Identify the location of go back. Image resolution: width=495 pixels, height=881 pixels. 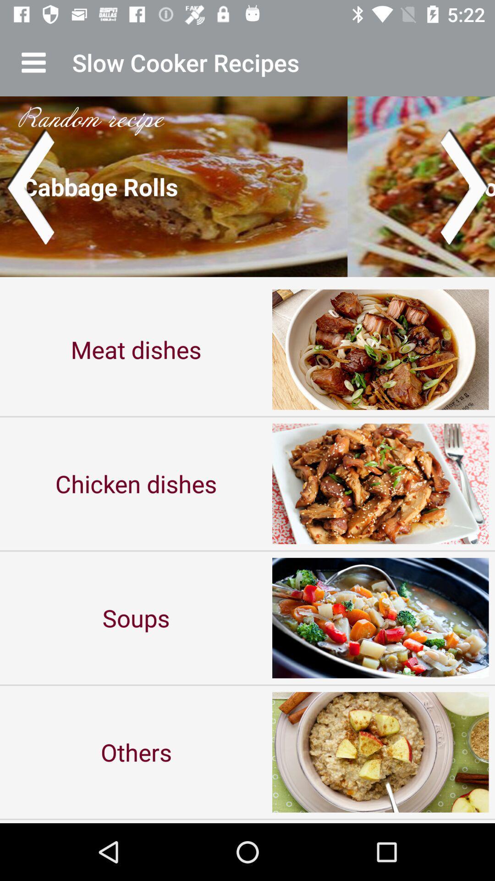
(29, 186).